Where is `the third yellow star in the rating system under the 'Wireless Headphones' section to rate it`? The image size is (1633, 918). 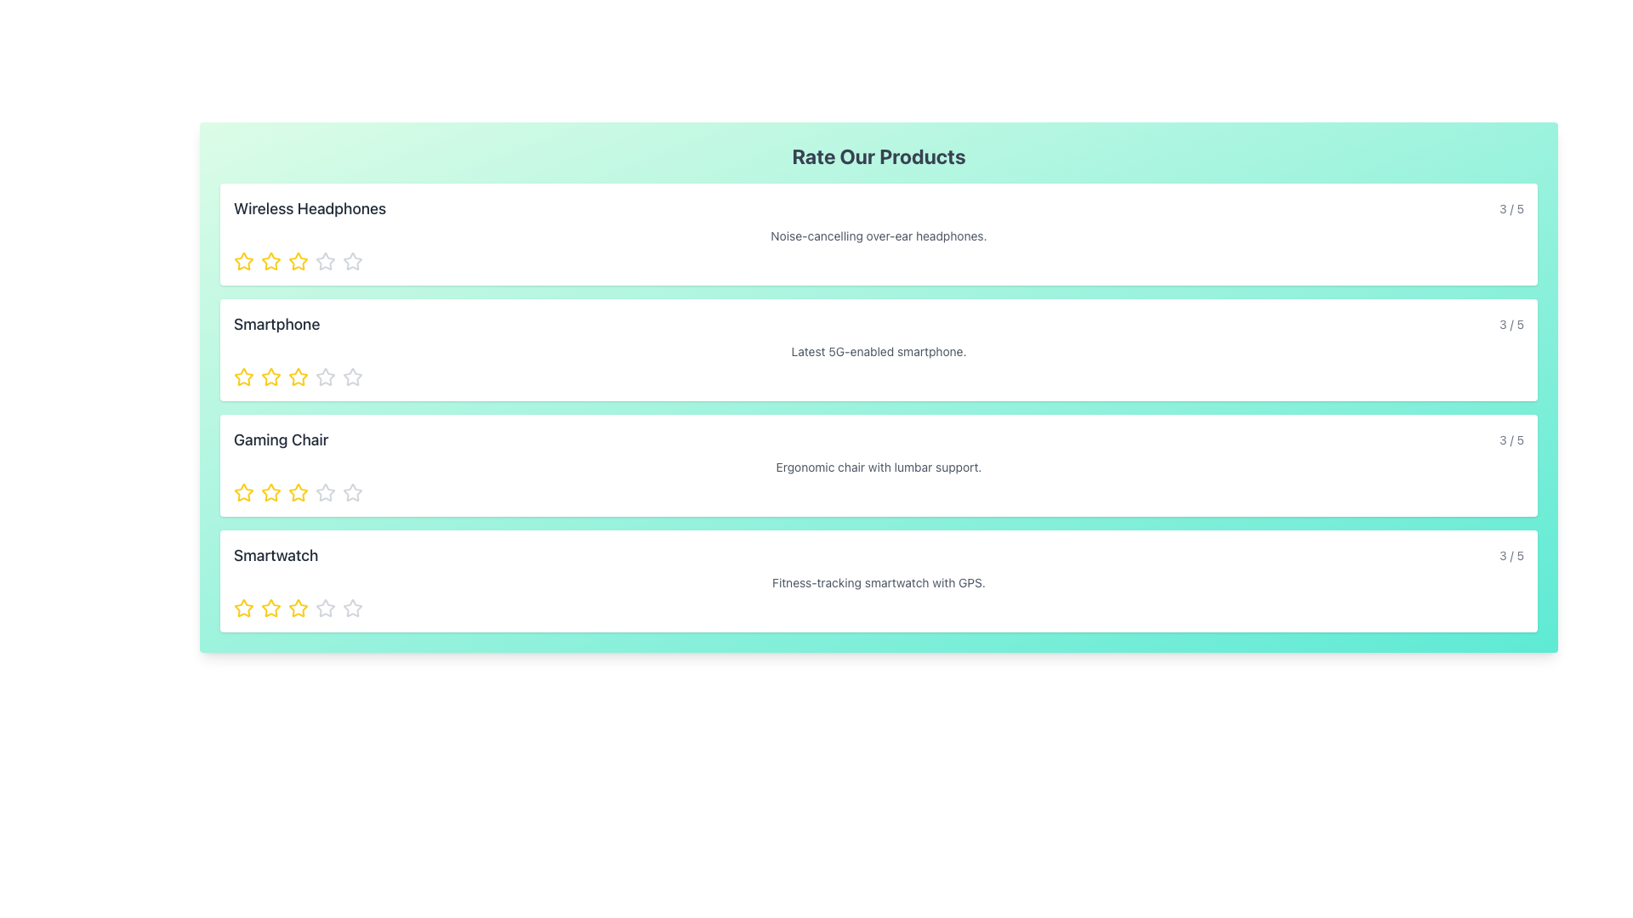 the third yellow star in the rating system under the 'Wireless Headphones' section to rate it is located at coordinates (298, 262).